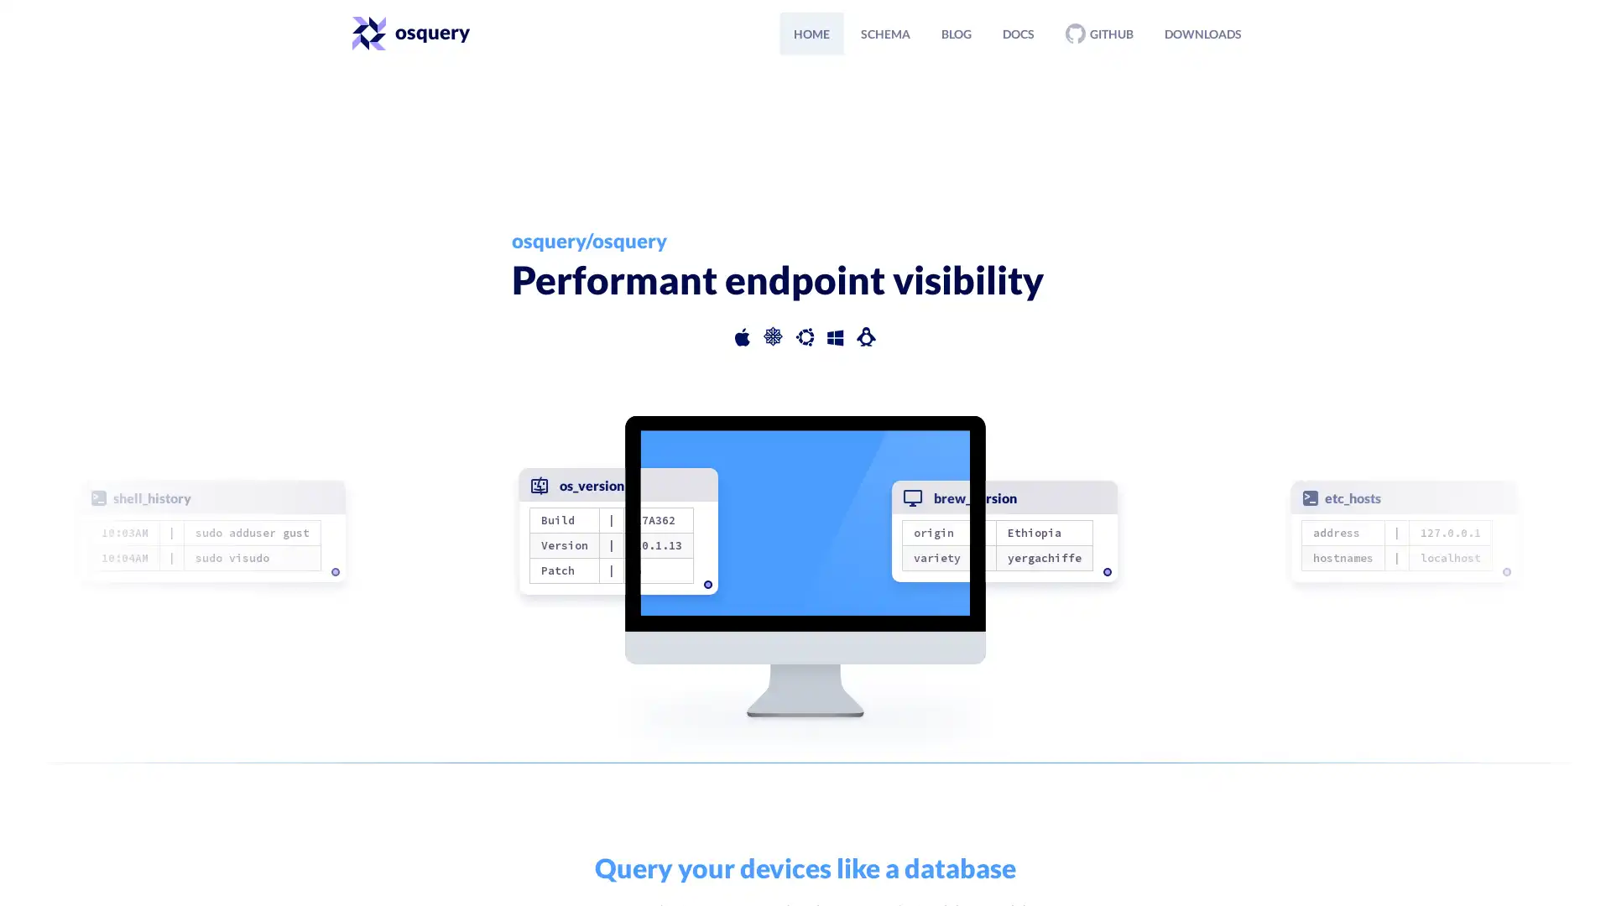 The width and height of the screenshot is (1611, 906). What do you see at coordinates (1202, 33) in the screenshot?
I see `DOWNLOADS` at bounding box center [1202, 33].